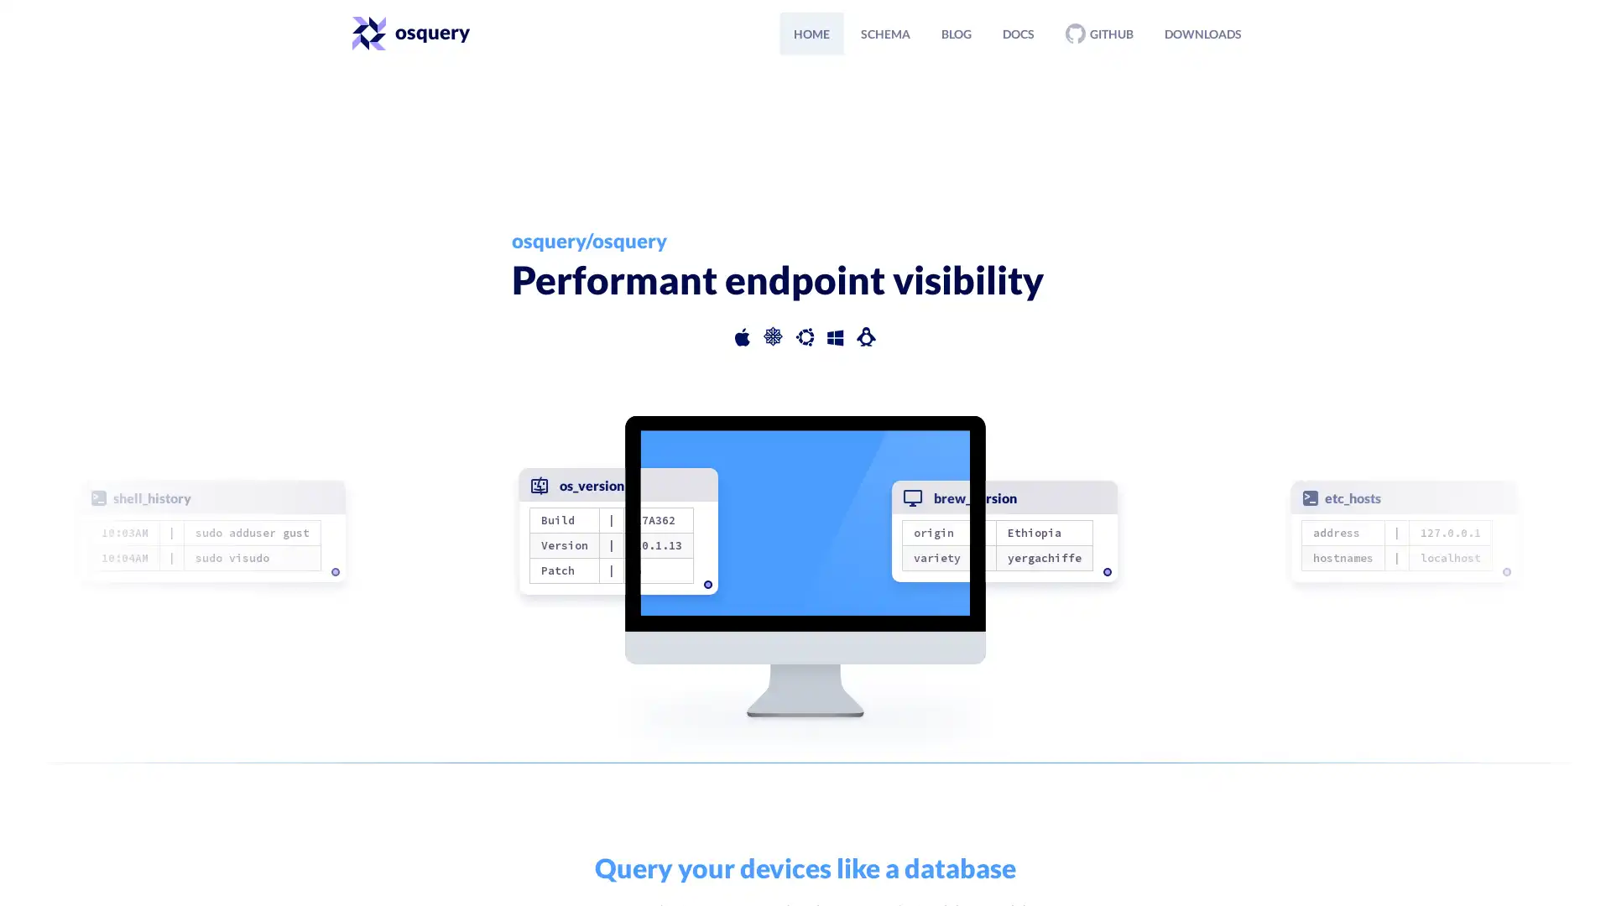 The width and height of the screenshot is (1611, 906). What do you see at coordinates (1202, 33) in the screenshot?
I see `DOWNLOADS` at bounding box center [1202, 33].